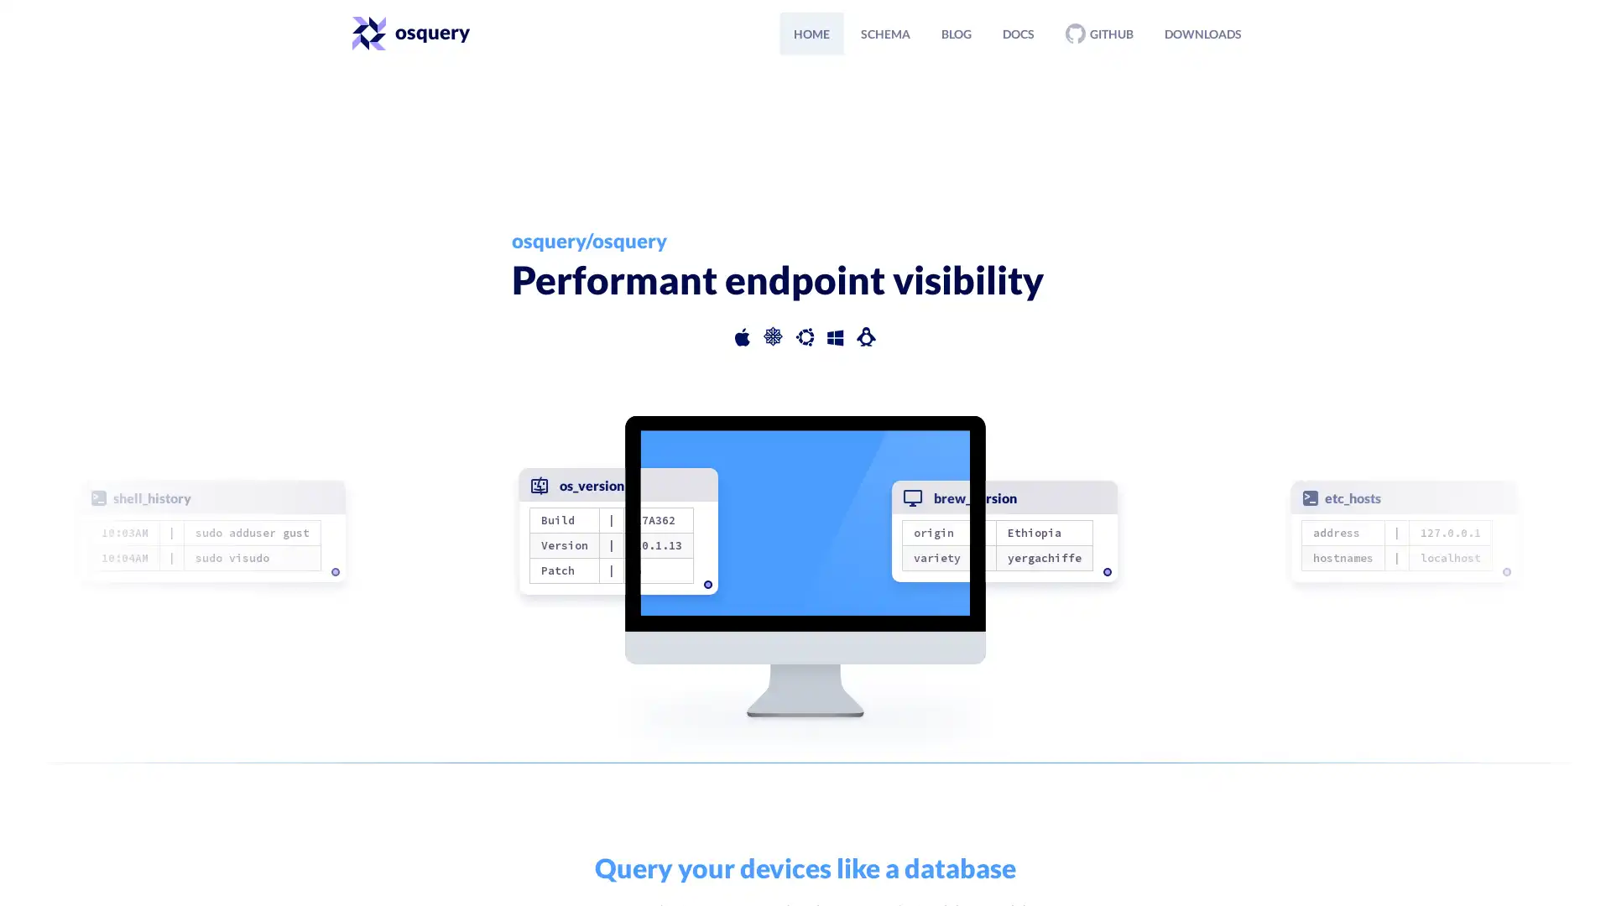 The width and height of the screenshot is (1611, 906). What do you see at coordinates (1202, 33) in the screenshot?
I see `DOWNLOADS` at bounding box center [1202, 33].